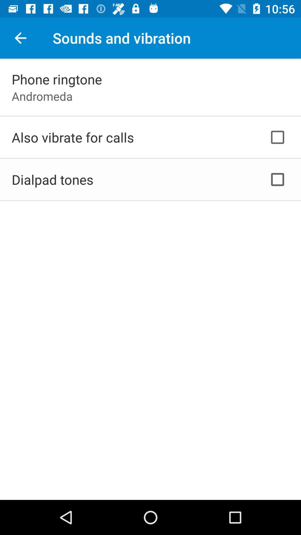 This screenshot has height=535, width=301. I want to click on also vibrate for, so click(72, 137).